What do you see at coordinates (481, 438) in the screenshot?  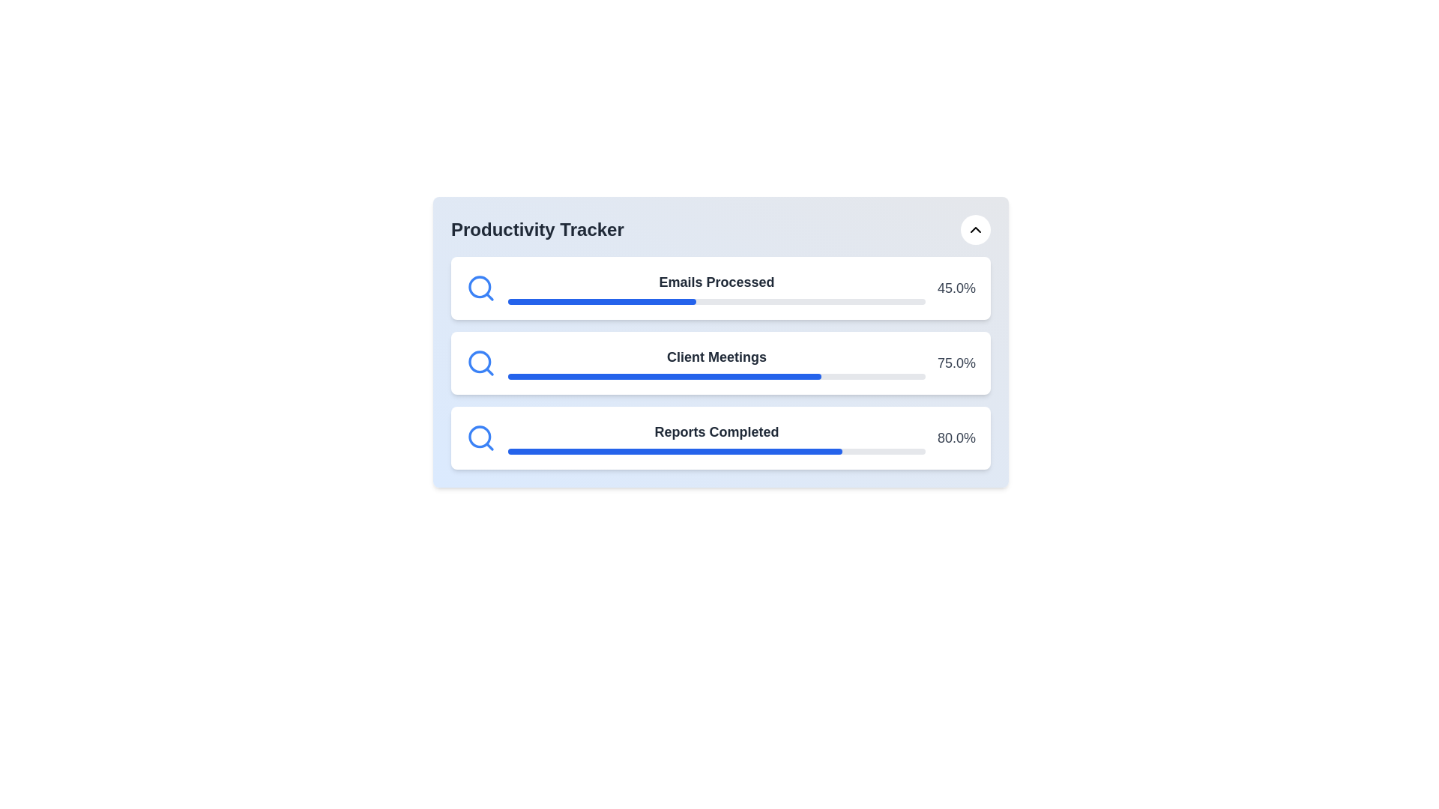 I see `the search icon located on the left side of the 'Reports Completed' section within the 'Productivity Tracker' widget to initiate a search action` at bounding box center [481, 438].